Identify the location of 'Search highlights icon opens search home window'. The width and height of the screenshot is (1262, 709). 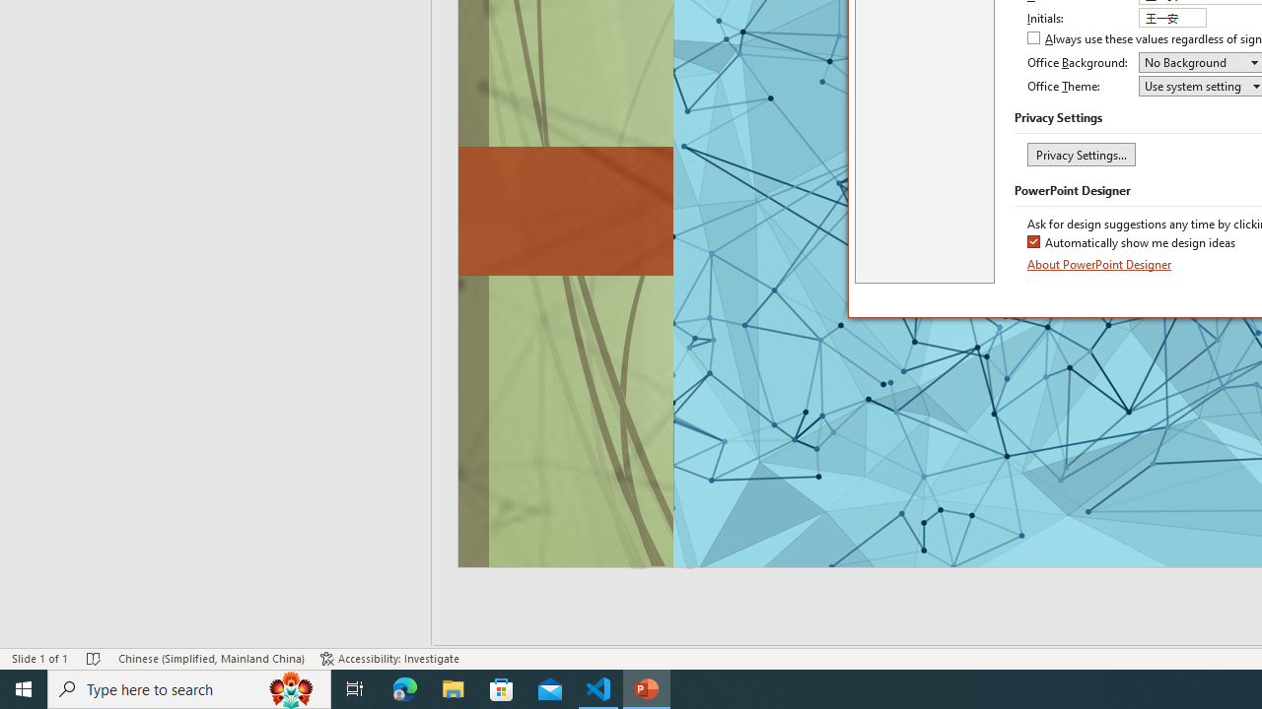
(290, 687).